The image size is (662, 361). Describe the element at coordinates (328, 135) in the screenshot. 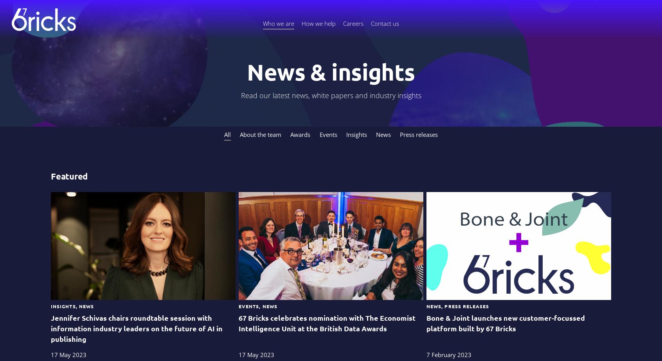

I see `'Events'` at that location.